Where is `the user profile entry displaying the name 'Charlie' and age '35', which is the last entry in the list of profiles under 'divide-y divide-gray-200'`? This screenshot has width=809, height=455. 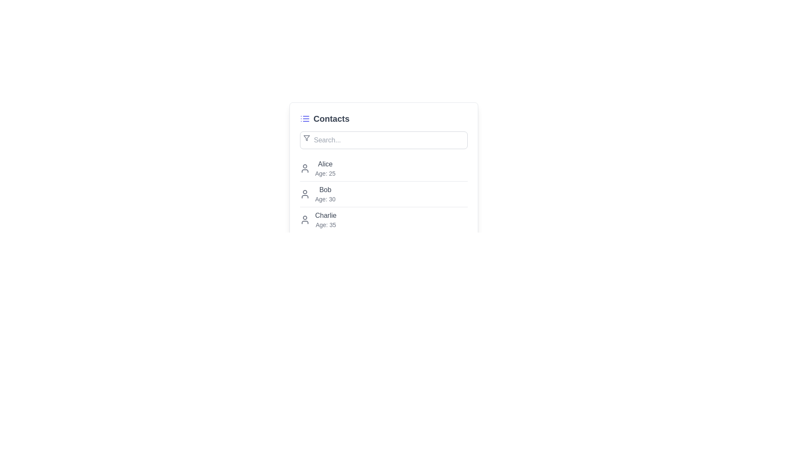
the user profile entry displaying the name 'Charlie' and age '35', which is the last entry in the list of profiles under 'divide-y divide-gray-200' is located at coordinates (383, 219).